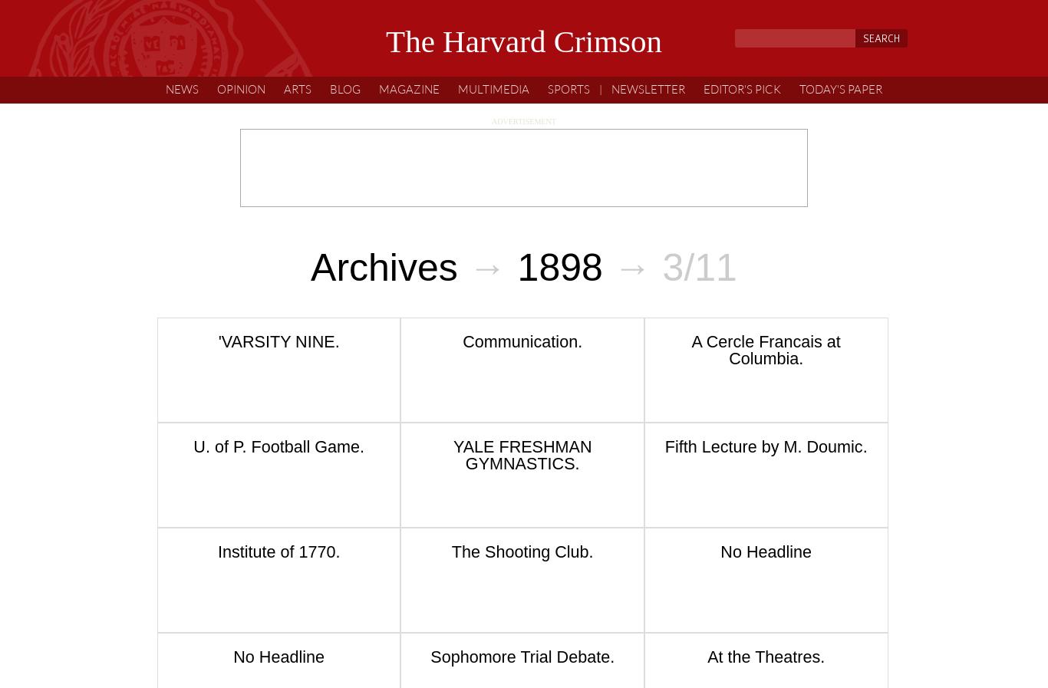  I want to click on ''VARSITY NINE.', so click(277, 341).